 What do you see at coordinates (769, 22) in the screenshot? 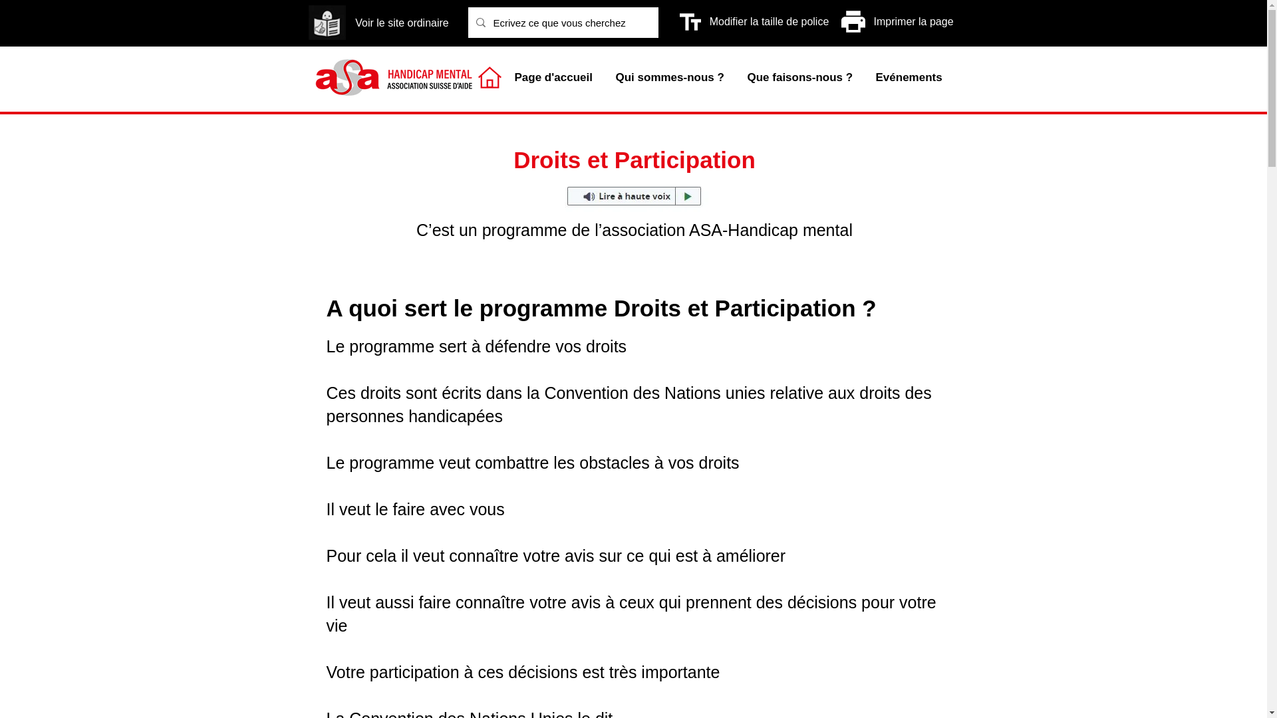
I see `'Modifier la taille de police'` at bounding box center [769, 22].